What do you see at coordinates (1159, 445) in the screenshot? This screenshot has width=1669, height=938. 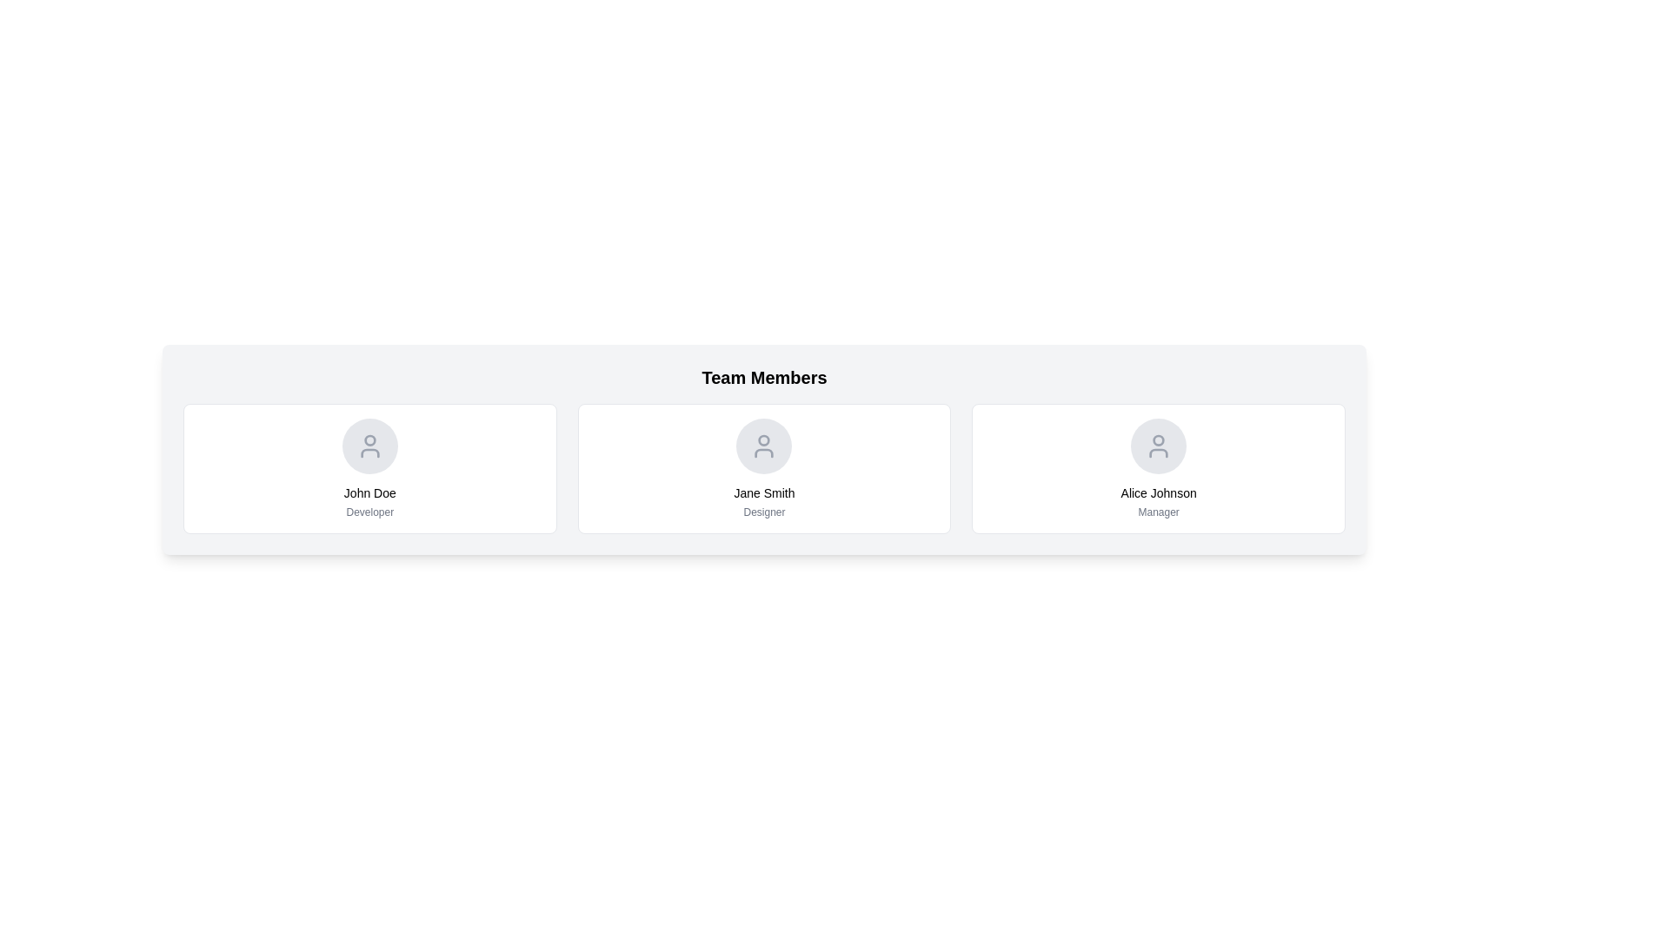 I see `the user profile picture placeholder for 'Alice Johnson', located at the top-center of the user profile card` at bounding box center [1159, 445].